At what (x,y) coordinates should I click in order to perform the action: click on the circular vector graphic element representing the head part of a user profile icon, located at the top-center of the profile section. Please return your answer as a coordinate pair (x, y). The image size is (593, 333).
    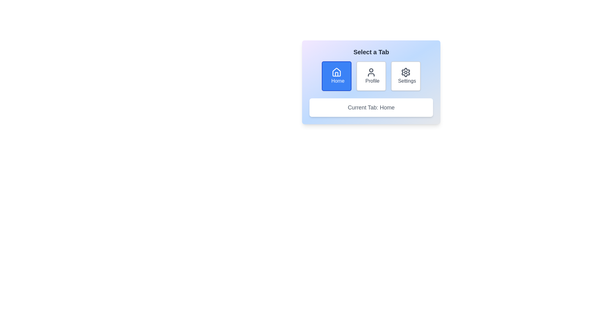
    Looking at the image, I should click on (371, 70).